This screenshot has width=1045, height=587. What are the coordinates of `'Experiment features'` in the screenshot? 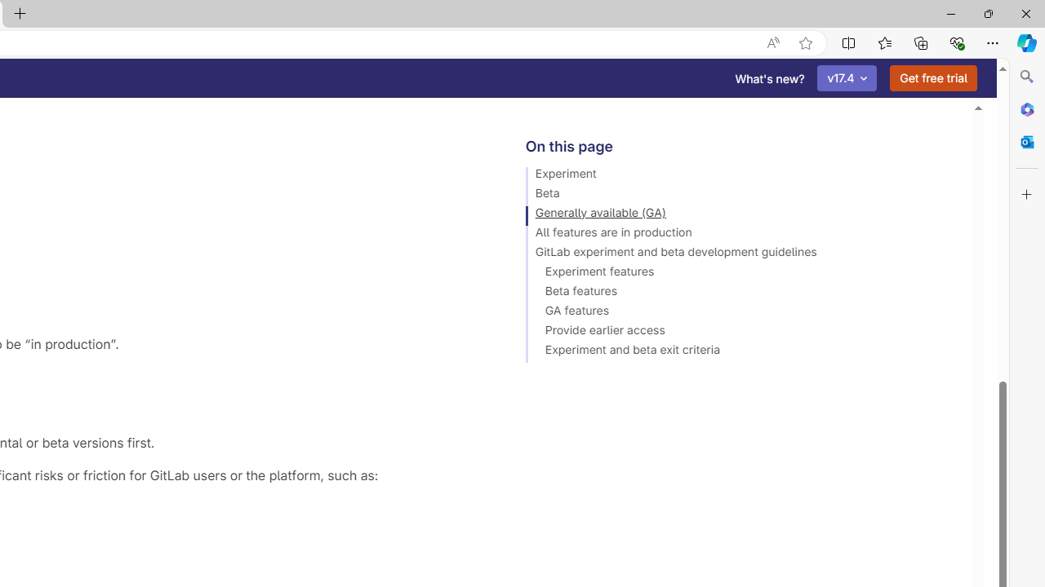 It's located at (740, 273).